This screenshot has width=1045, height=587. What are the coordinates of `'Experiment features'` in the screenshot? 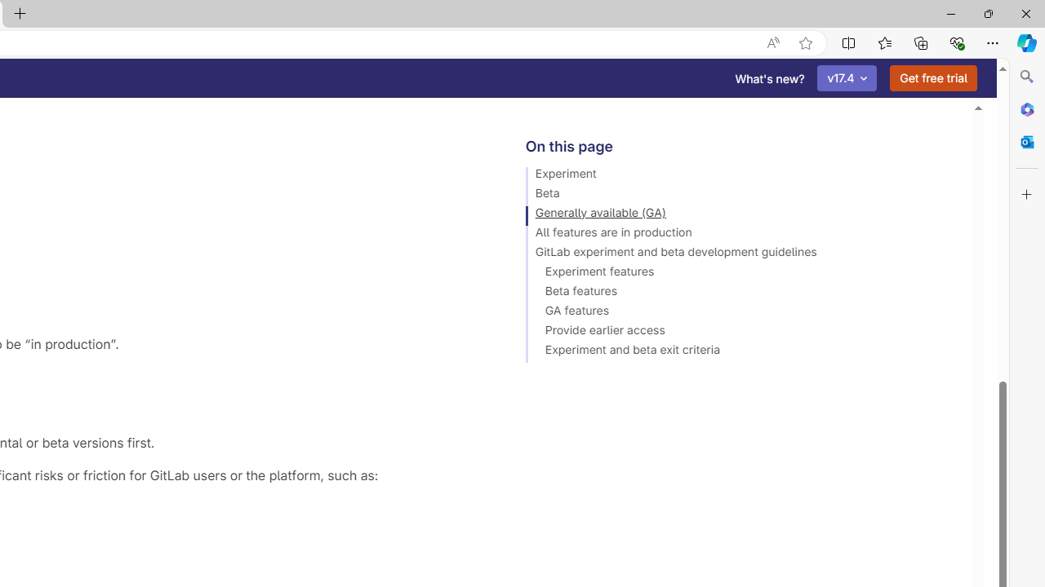 It's located at (740, 273).